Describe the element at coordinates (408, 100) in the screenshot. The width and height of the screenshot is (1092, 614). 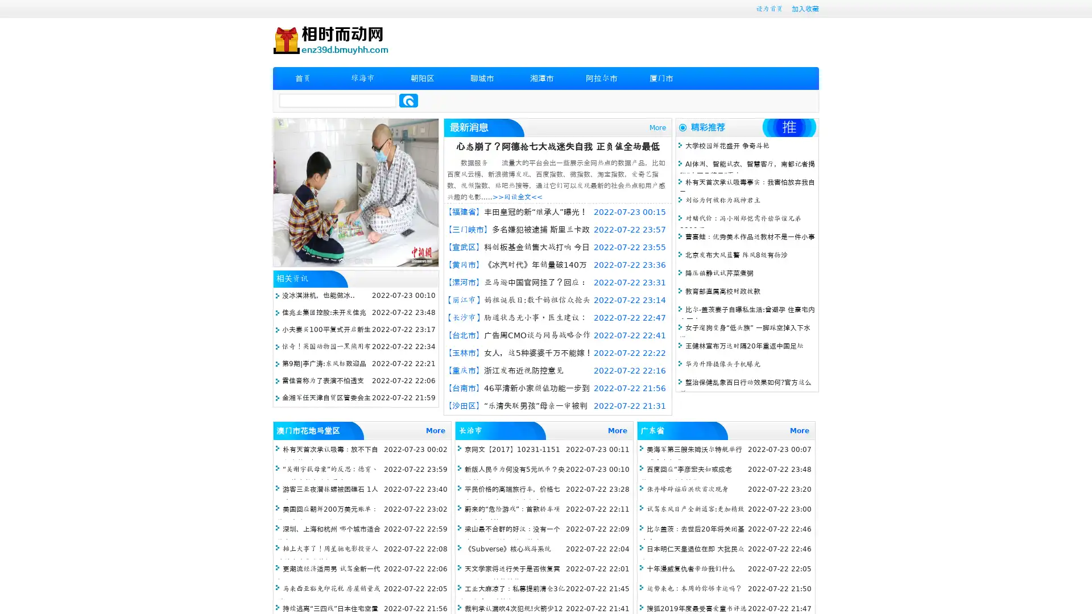
I see `Search` at that location.